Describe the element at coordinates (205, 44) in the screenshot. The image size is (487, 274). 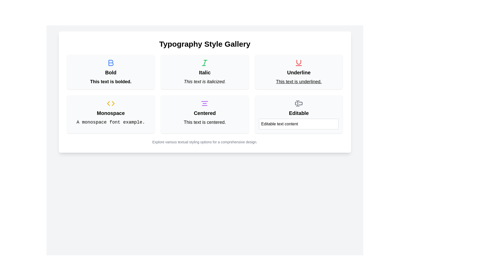
I see `the prominent heading with the text 'Typography Style Gallery', which is styled boldly and centered at the top of the content block` at that location.